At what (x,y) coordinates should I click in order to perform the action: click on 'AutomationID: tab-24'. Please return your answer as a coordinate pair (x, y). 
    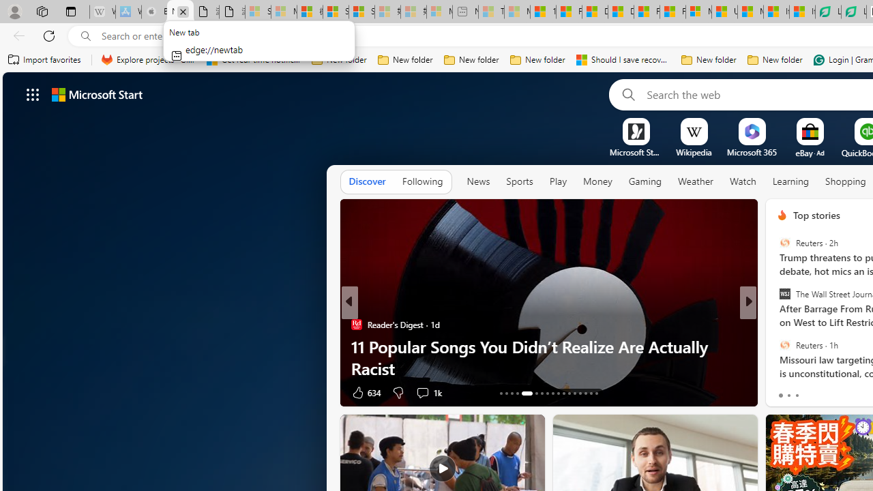
    Looking at the image, I should click on (568, 393).